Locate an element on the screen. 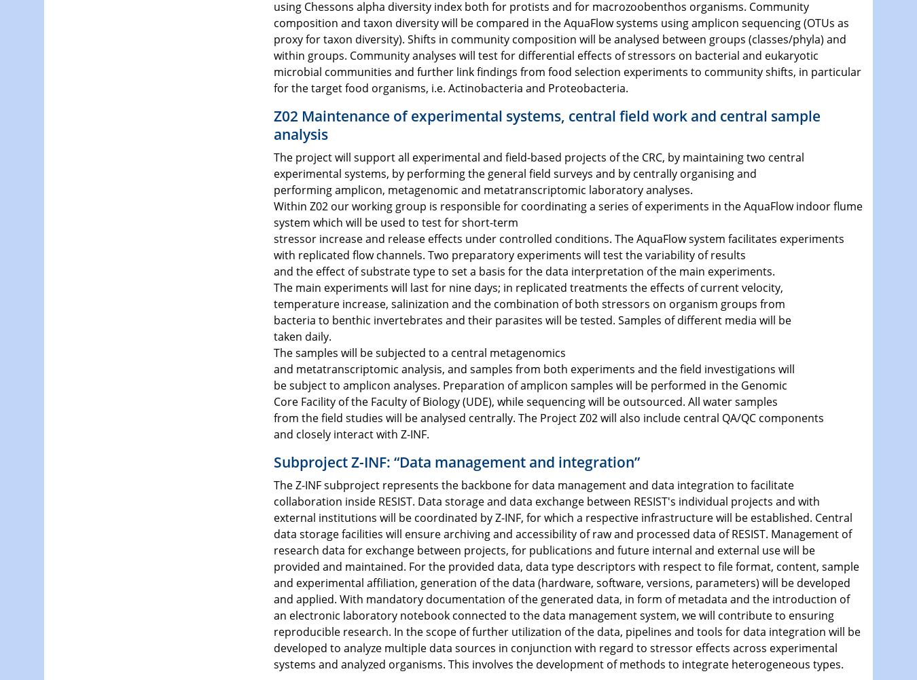 The height and width of the screenshot is (680, 917). 'and closely interact with Z-INF.' is located at coordinates (350, 432).